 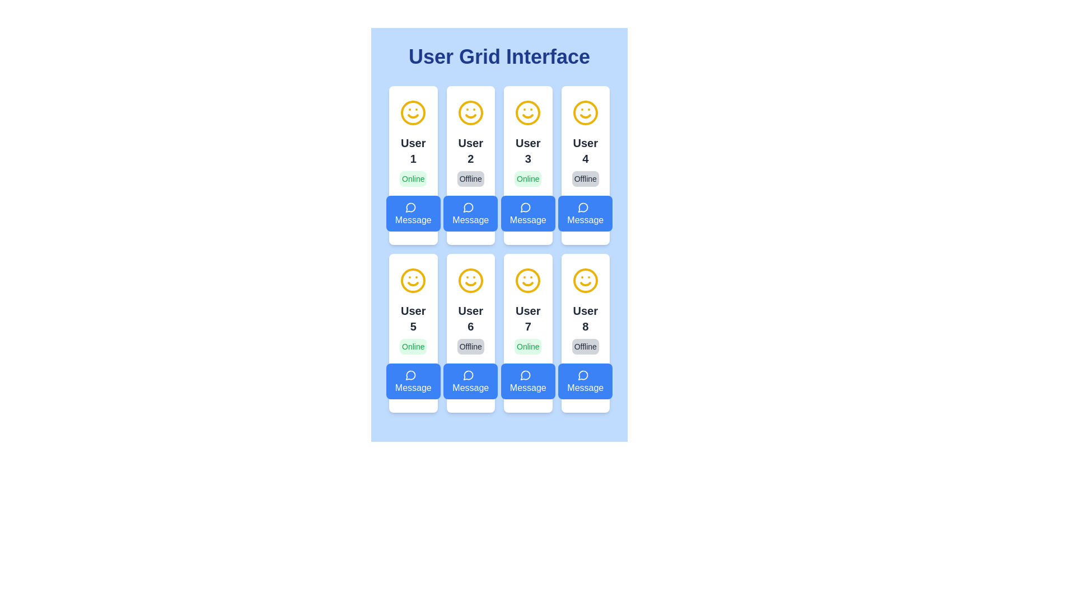 I want to click on the text label that displays 'User 8', located in the bottom-right card of a 2x4 grid, positioned below a smiley icon and above the 'Offline' status label, so click(x=585, y=319).